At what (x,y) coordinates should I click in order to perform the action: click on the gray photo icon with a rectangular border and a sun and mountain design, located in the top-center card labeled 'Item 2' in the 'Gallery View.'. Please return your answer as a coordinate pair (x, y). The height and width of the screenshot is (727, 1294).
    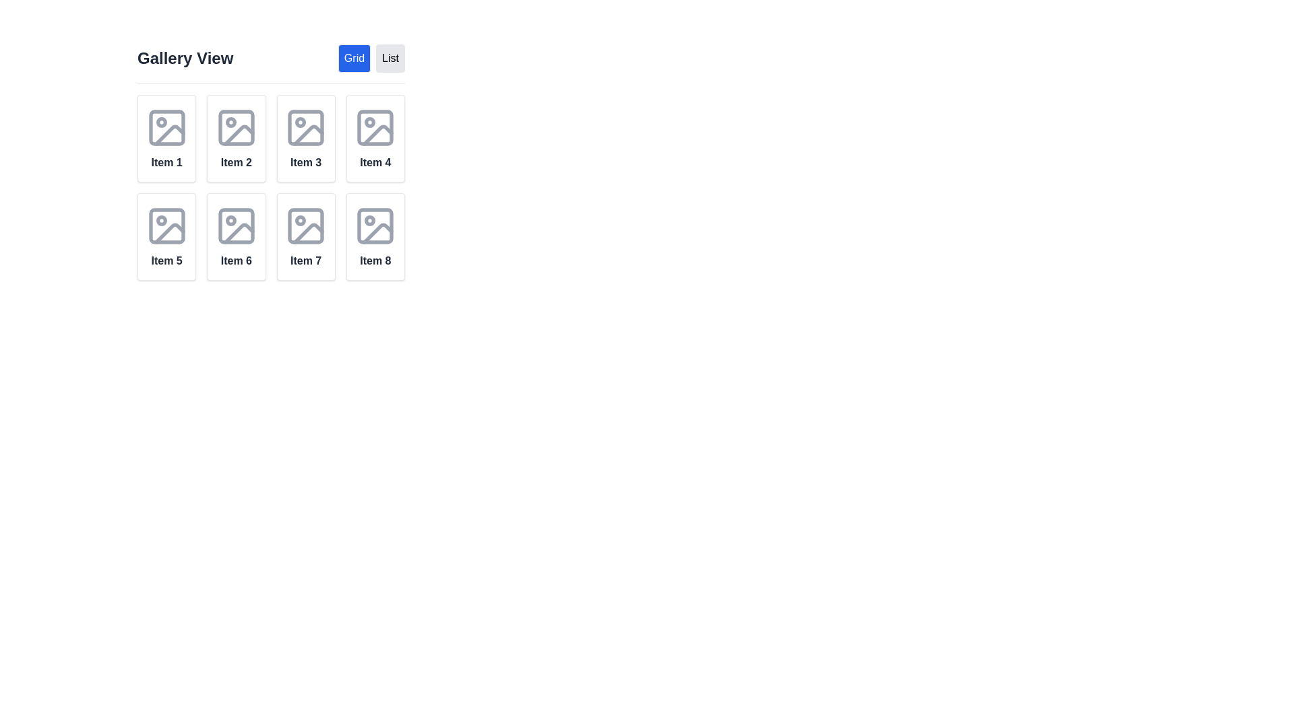
    Looking at the image, I should click on (236, 127).